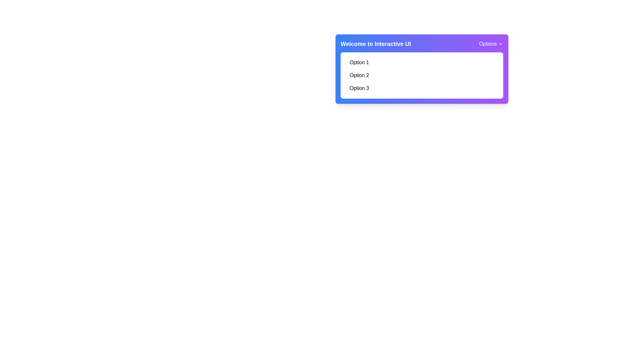 Image resolution: width=617 pixels, height=347 pixels. I want to click on one of the options in the dropdown menu located below the title 'Welcome to Interactive UI', so click(422, 75).